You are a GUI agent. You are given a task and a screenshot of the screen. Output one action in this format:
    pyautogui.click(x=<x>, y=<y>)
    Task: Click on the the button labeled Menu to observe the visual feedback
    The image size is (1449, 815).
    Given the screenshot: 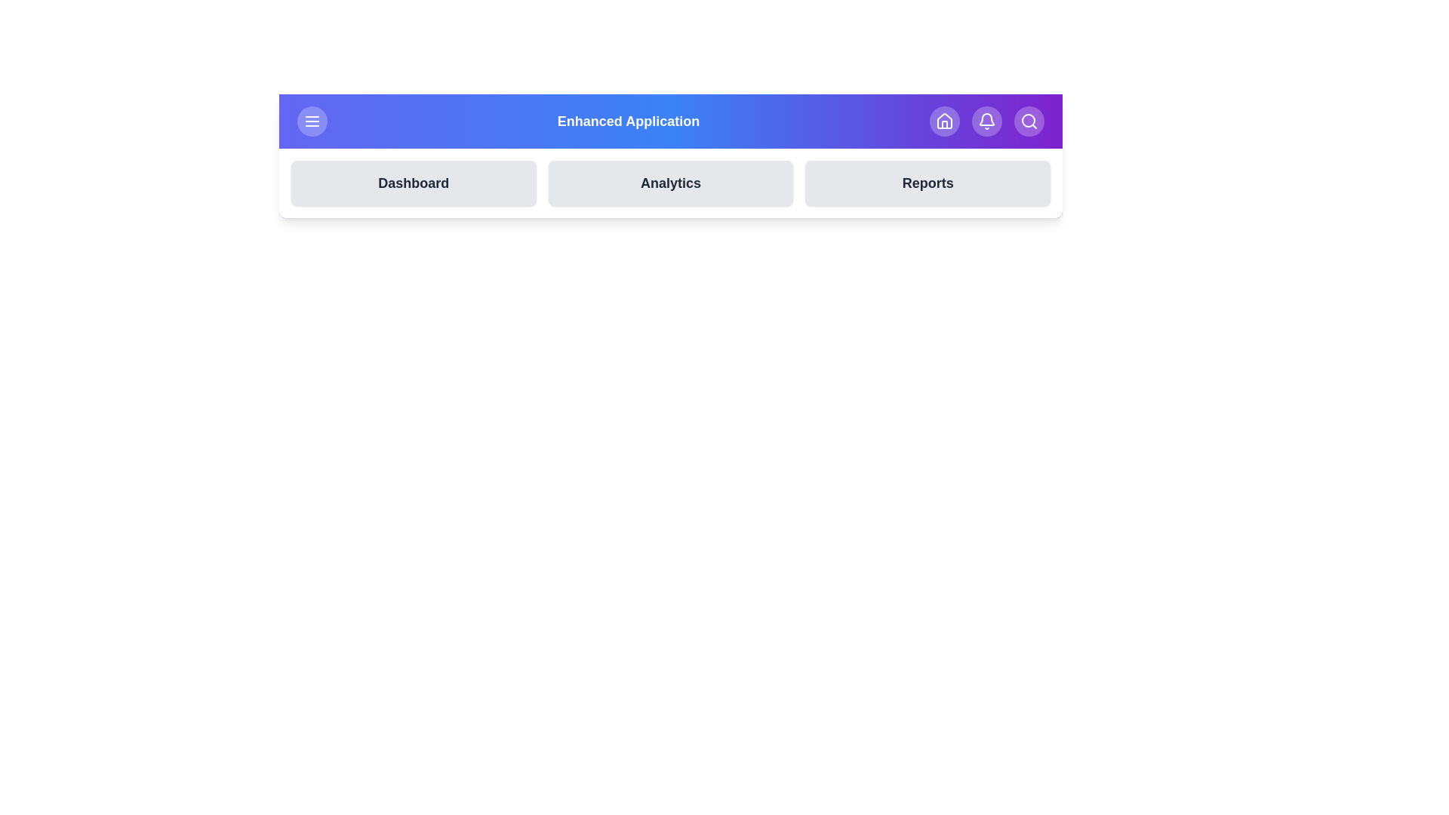 What is the action you would take?
    pyautogui.click(x=311, y=121)
    